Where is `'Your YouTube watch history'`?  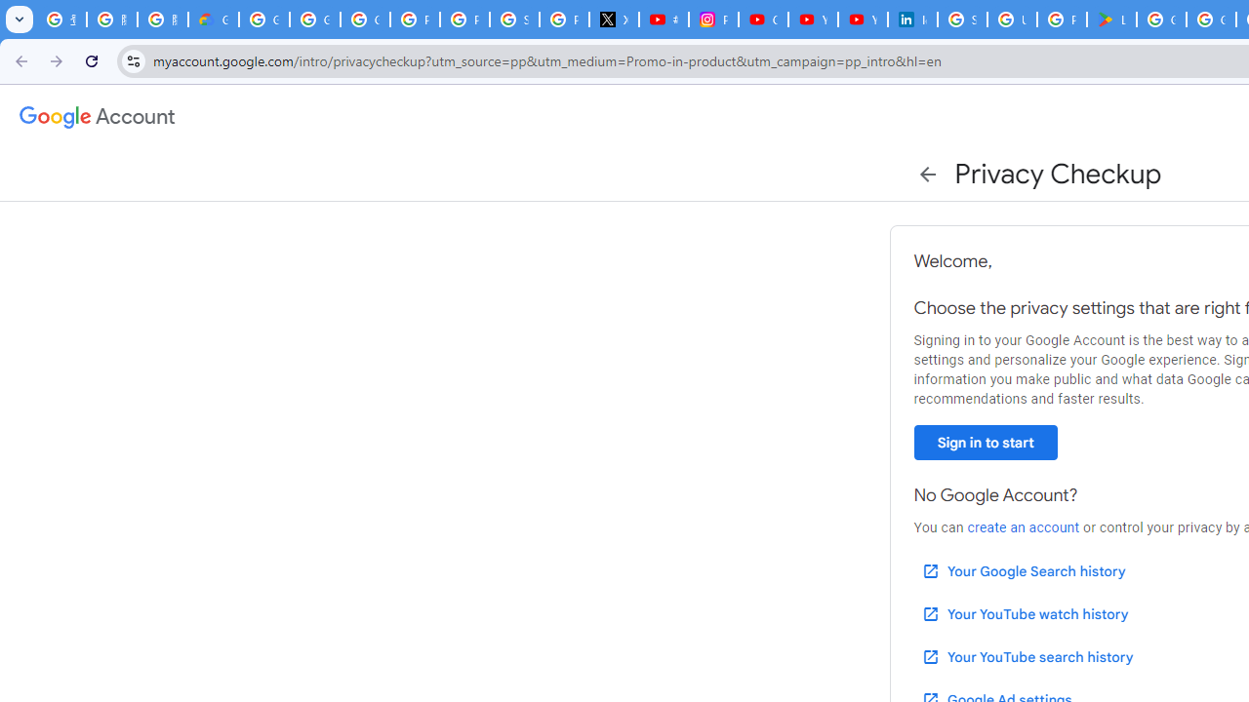
'Your YouTube watch history' is located at coordinates (1024, 614).